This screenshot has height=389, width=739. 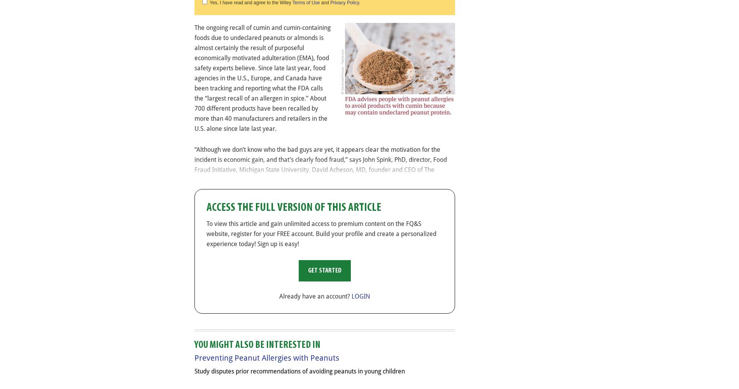 I want to click on 'Preventing Peanut Allergies with Peanuts', so click(x=267, y=358).